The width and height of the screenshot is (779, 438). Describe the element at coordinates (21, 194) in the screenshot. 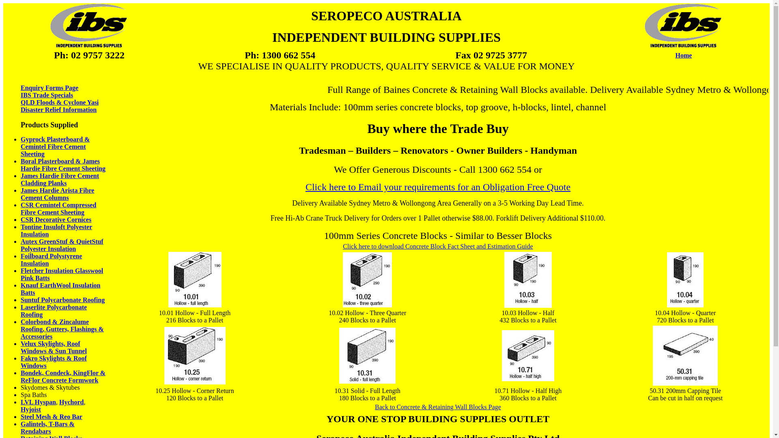

I see `'James Hardie Arista Fibre Cement Columns'` at that location.